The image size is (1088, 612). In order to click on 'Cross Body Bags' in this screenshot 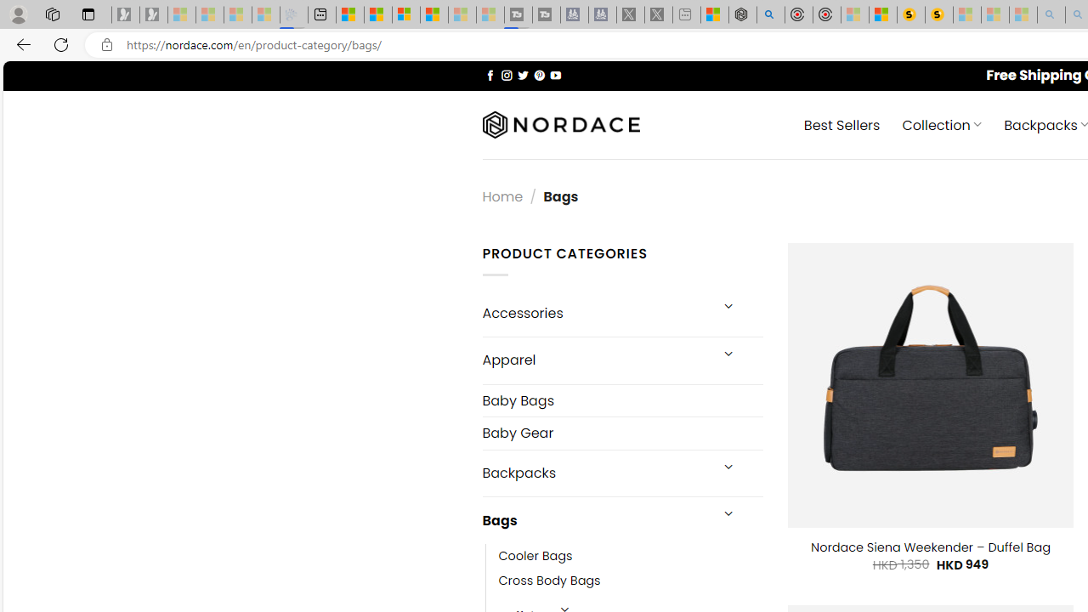, I will do `click(549, 581)`.